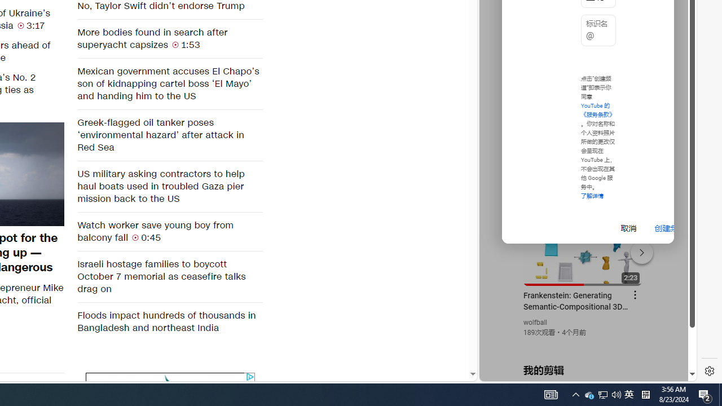 Image resolution: width=722 pixels, height=406 pixels. What do you see at coordinates (535, 323) in the screenshot?
I see `'wolfball'` at bounding box center [535, 323].